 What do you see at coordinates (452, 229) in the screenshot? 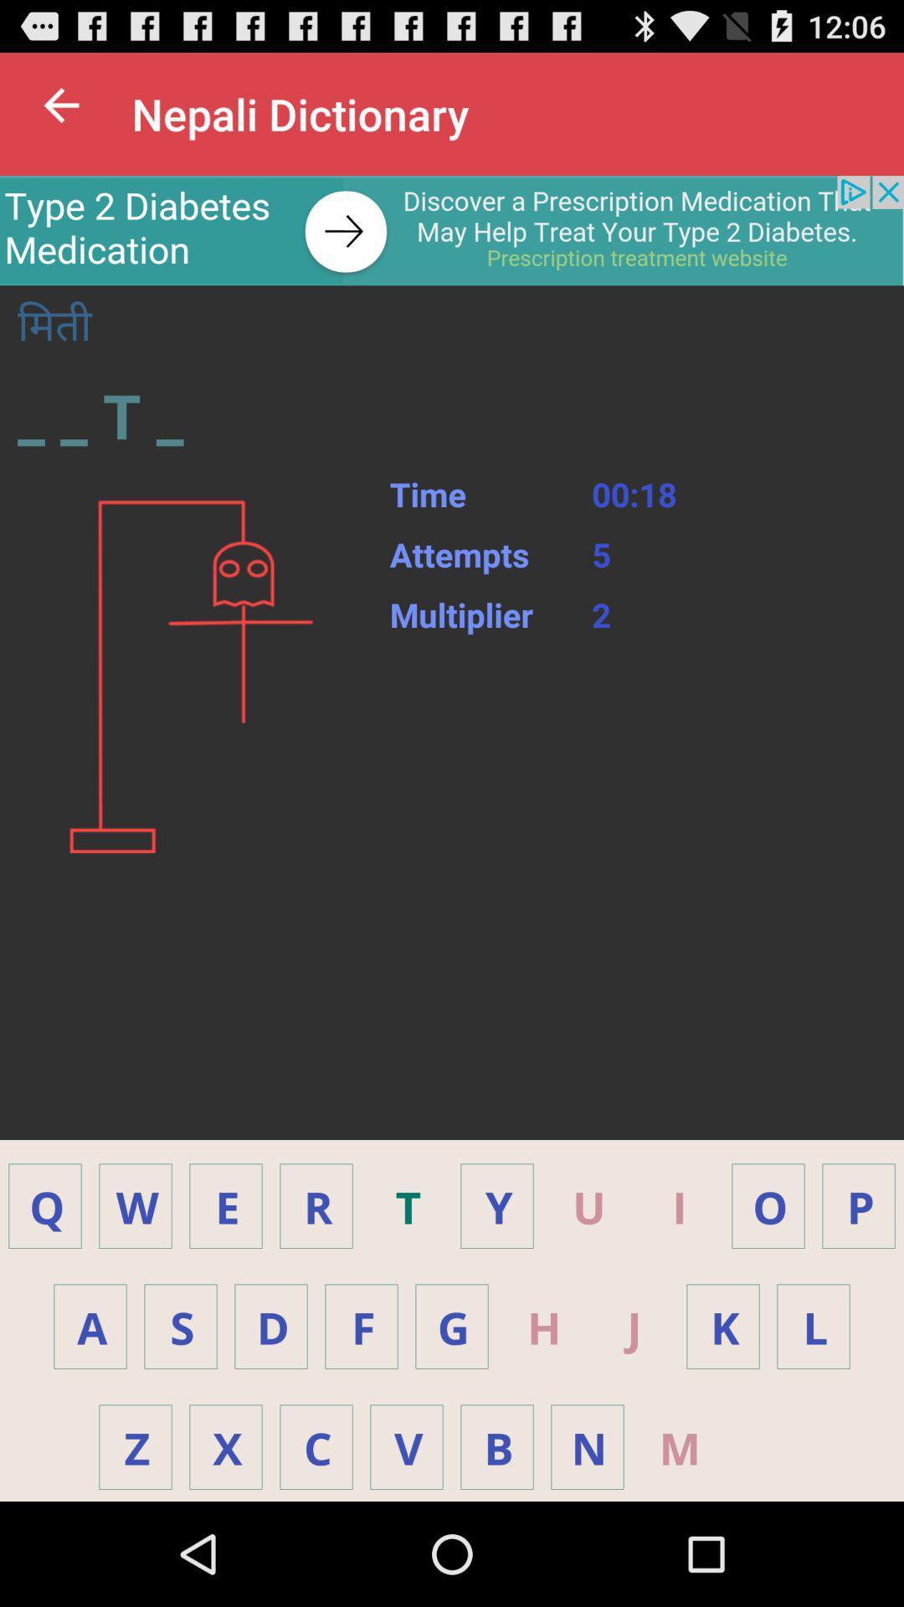
I see `sponsored content` at bounding box center [452, 229].